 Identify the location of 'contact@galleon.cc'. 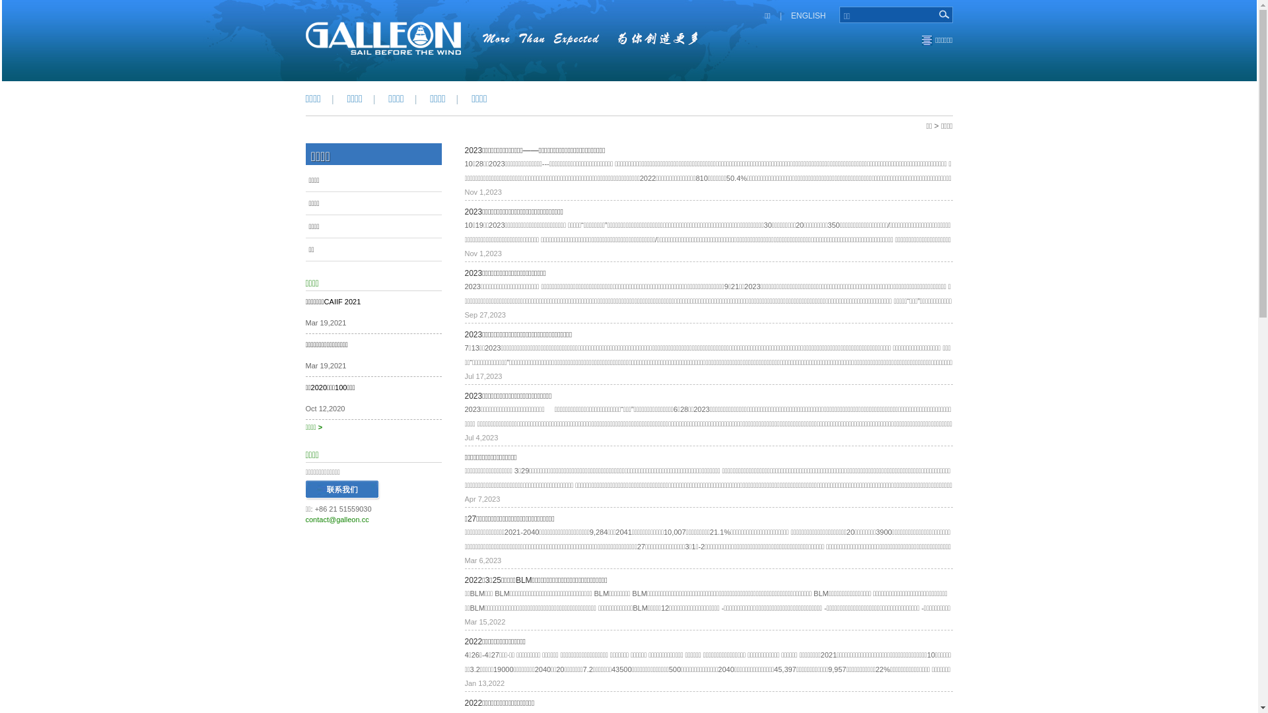
(304, 518).